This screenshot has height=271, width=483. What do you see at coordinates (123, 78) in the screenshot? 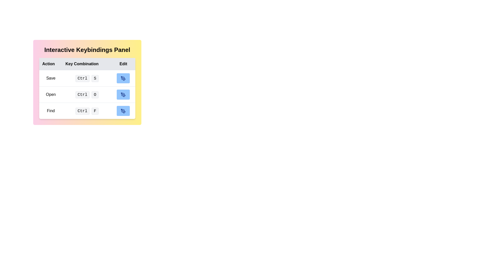
I see `the Icon Button in the 'Edit' column corresponding to the 'Save' action in the 'Interactive Keybindings Panel' to interact` at bounding box center [123, 78].